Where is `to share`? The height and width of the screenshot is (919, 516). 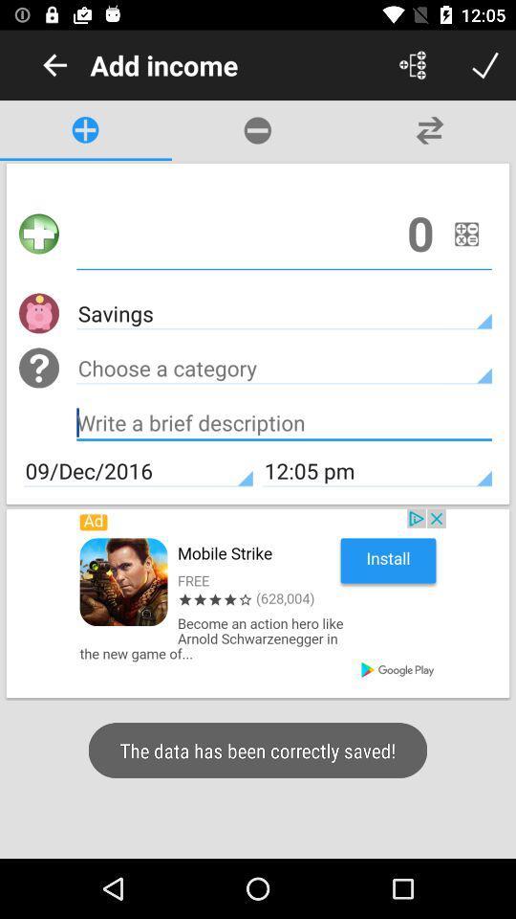
to share is located at coordinates (412, 65).